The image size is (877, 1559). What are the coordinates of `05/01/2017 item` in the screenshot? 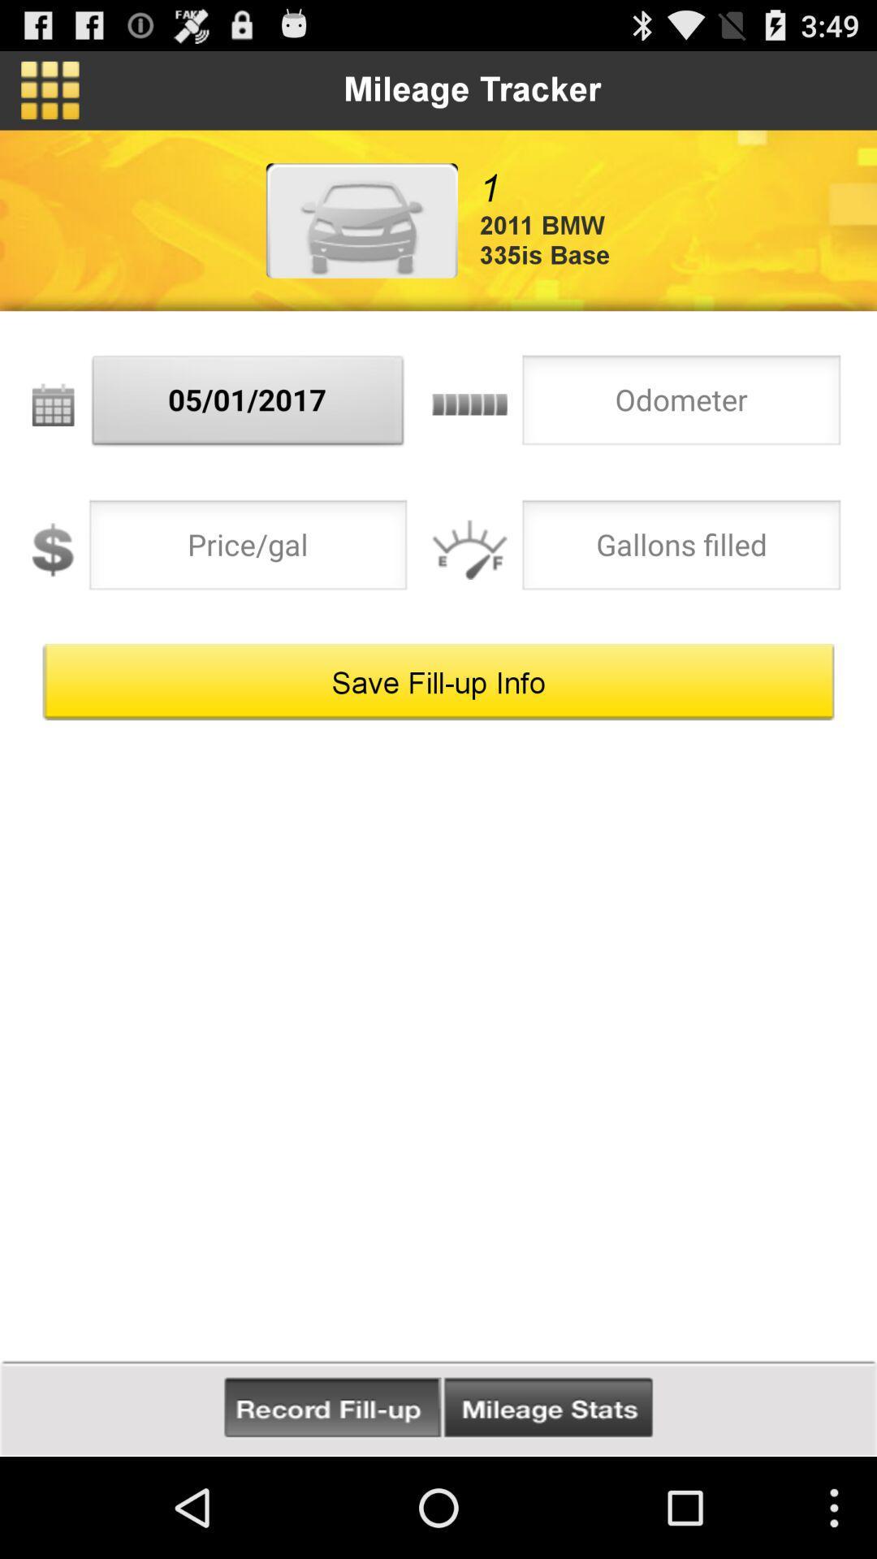 It's located at (248, 404).